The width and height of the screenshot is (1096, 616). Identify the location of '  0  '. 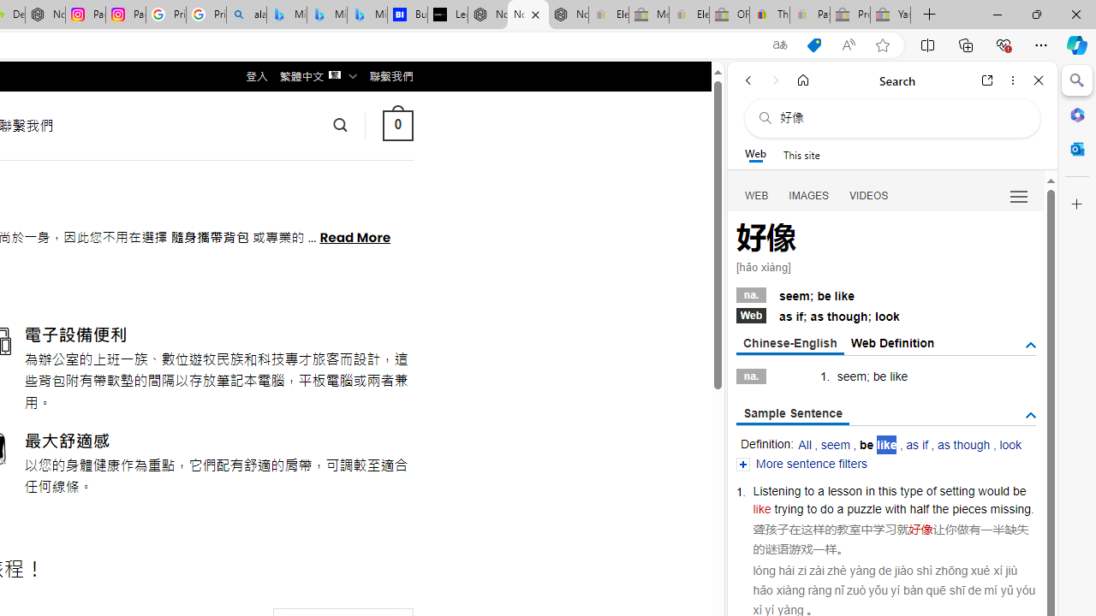
(396, 124).